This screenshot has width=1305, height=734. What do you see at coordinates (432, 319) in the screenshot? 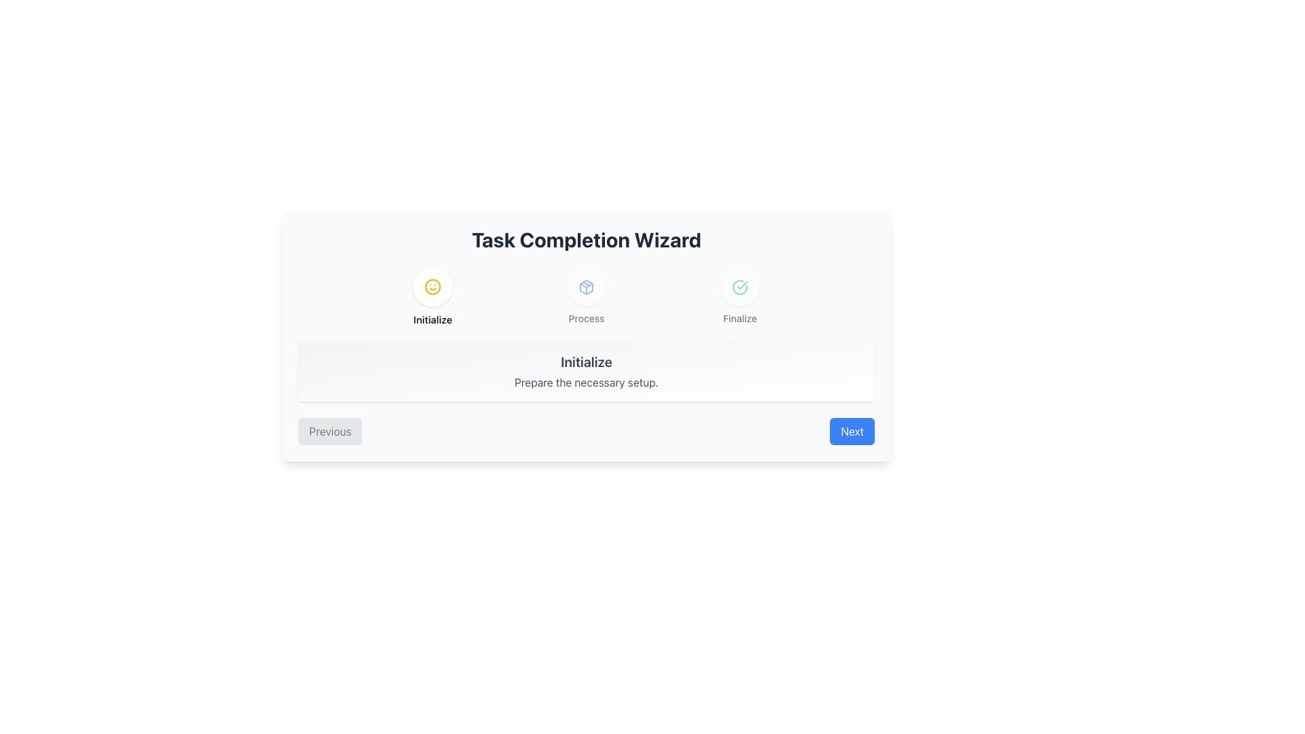
I see `text label that describes the first step in the multi-step process, which is labeled 'Initialize.' This label is positioned below a circular smiley face icon` at bounding box center [432, 319].